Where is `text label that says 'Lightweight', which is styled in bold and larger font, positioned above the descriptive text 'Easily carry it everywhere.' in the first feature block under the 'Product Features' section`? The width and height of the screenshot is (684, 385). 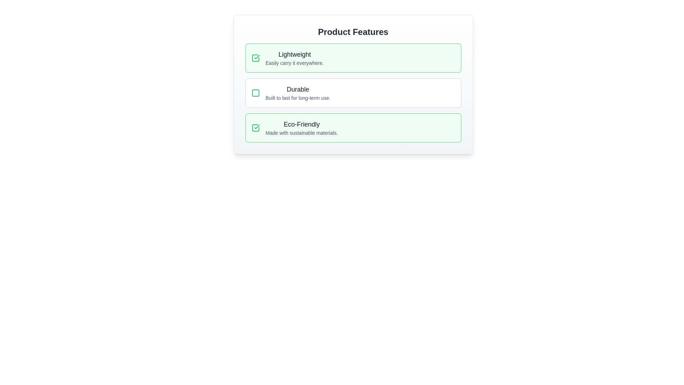
text label that says 'Lightweight', which is styled in bold and larger font, positioned above the descriptive text 'Easily carry it everywhere.' in the first feature block under the 'Product Features' section is located at coordinates (295, 54).